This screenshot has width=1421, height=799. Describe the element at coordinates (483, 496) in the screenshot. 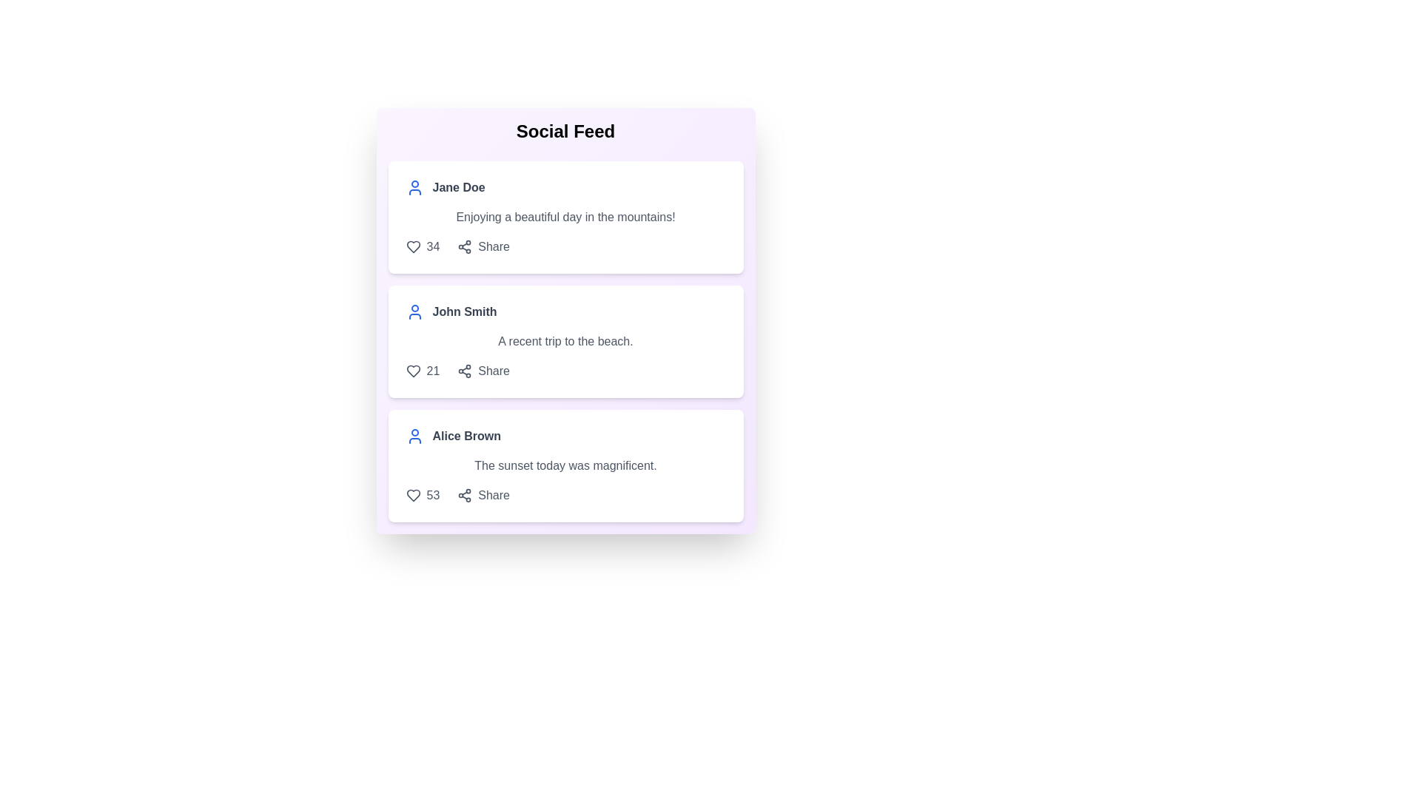

I see `'Share' button for the post authored by Alice Brown` at that location.